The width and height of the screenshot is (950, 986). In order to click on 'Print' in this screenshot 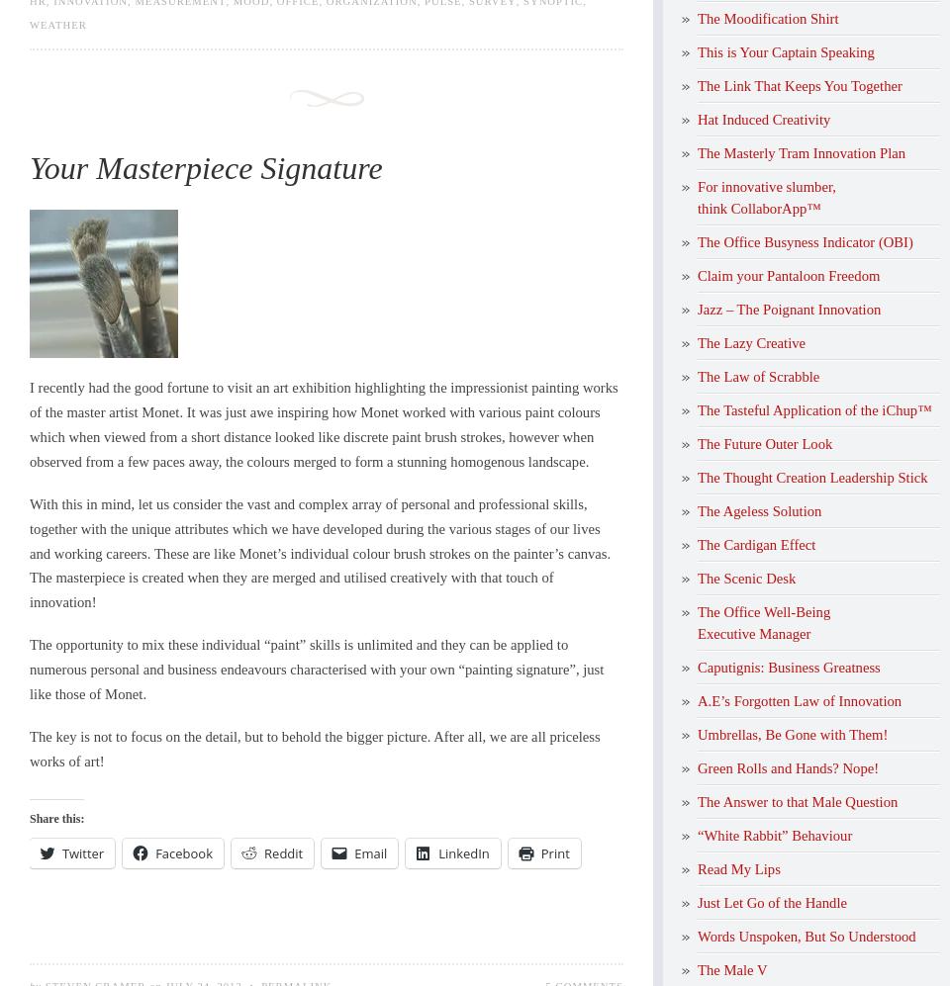, I will do `click(539, 852)`.